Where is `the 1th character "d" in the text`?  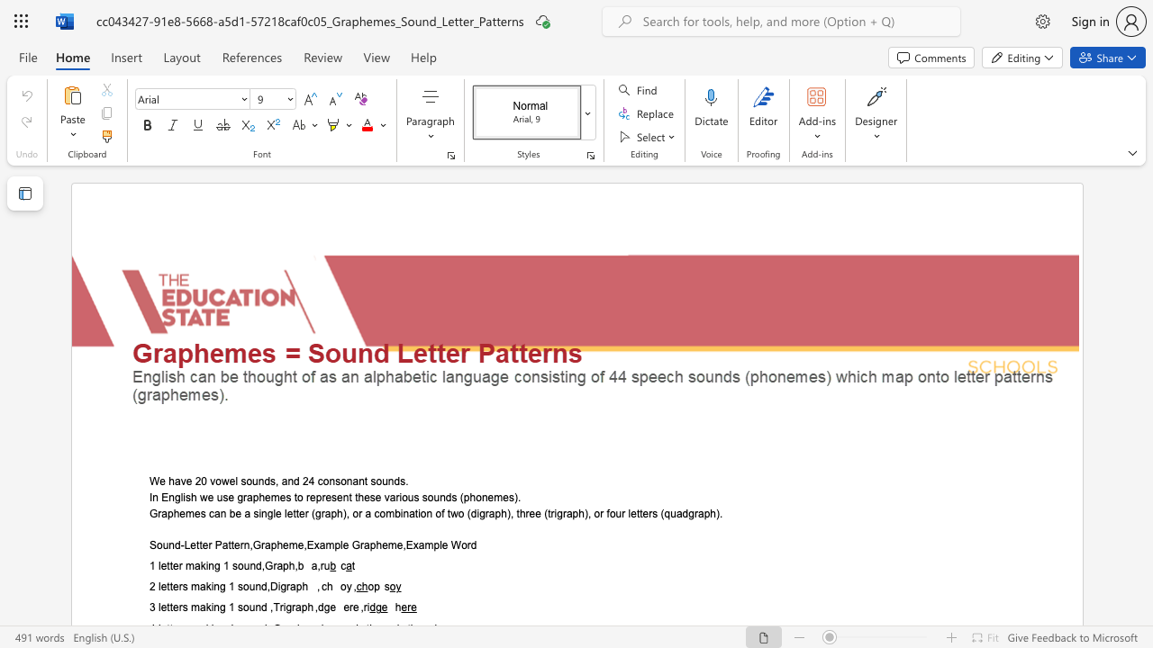
the 1th character "d" in the text is located at coordinates (263, 587).